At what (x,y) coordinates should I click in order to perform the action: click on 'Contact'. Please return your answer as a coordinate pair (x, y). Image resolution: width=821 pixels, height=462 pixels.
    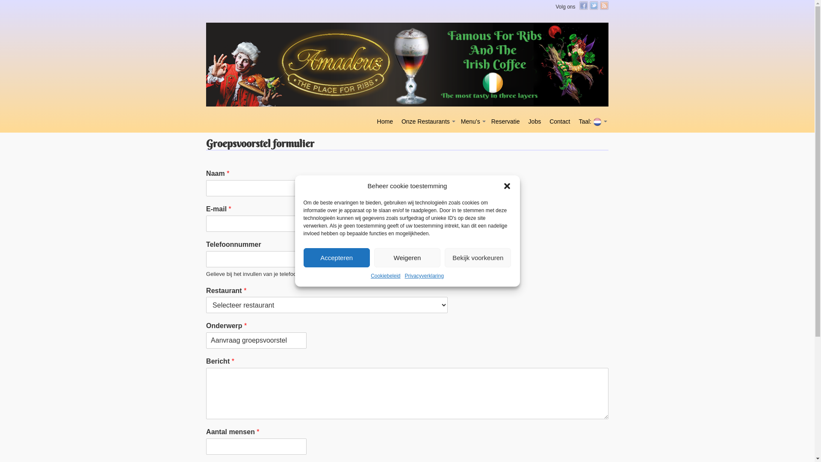
    Looking at the image, I should click on (545, 121).